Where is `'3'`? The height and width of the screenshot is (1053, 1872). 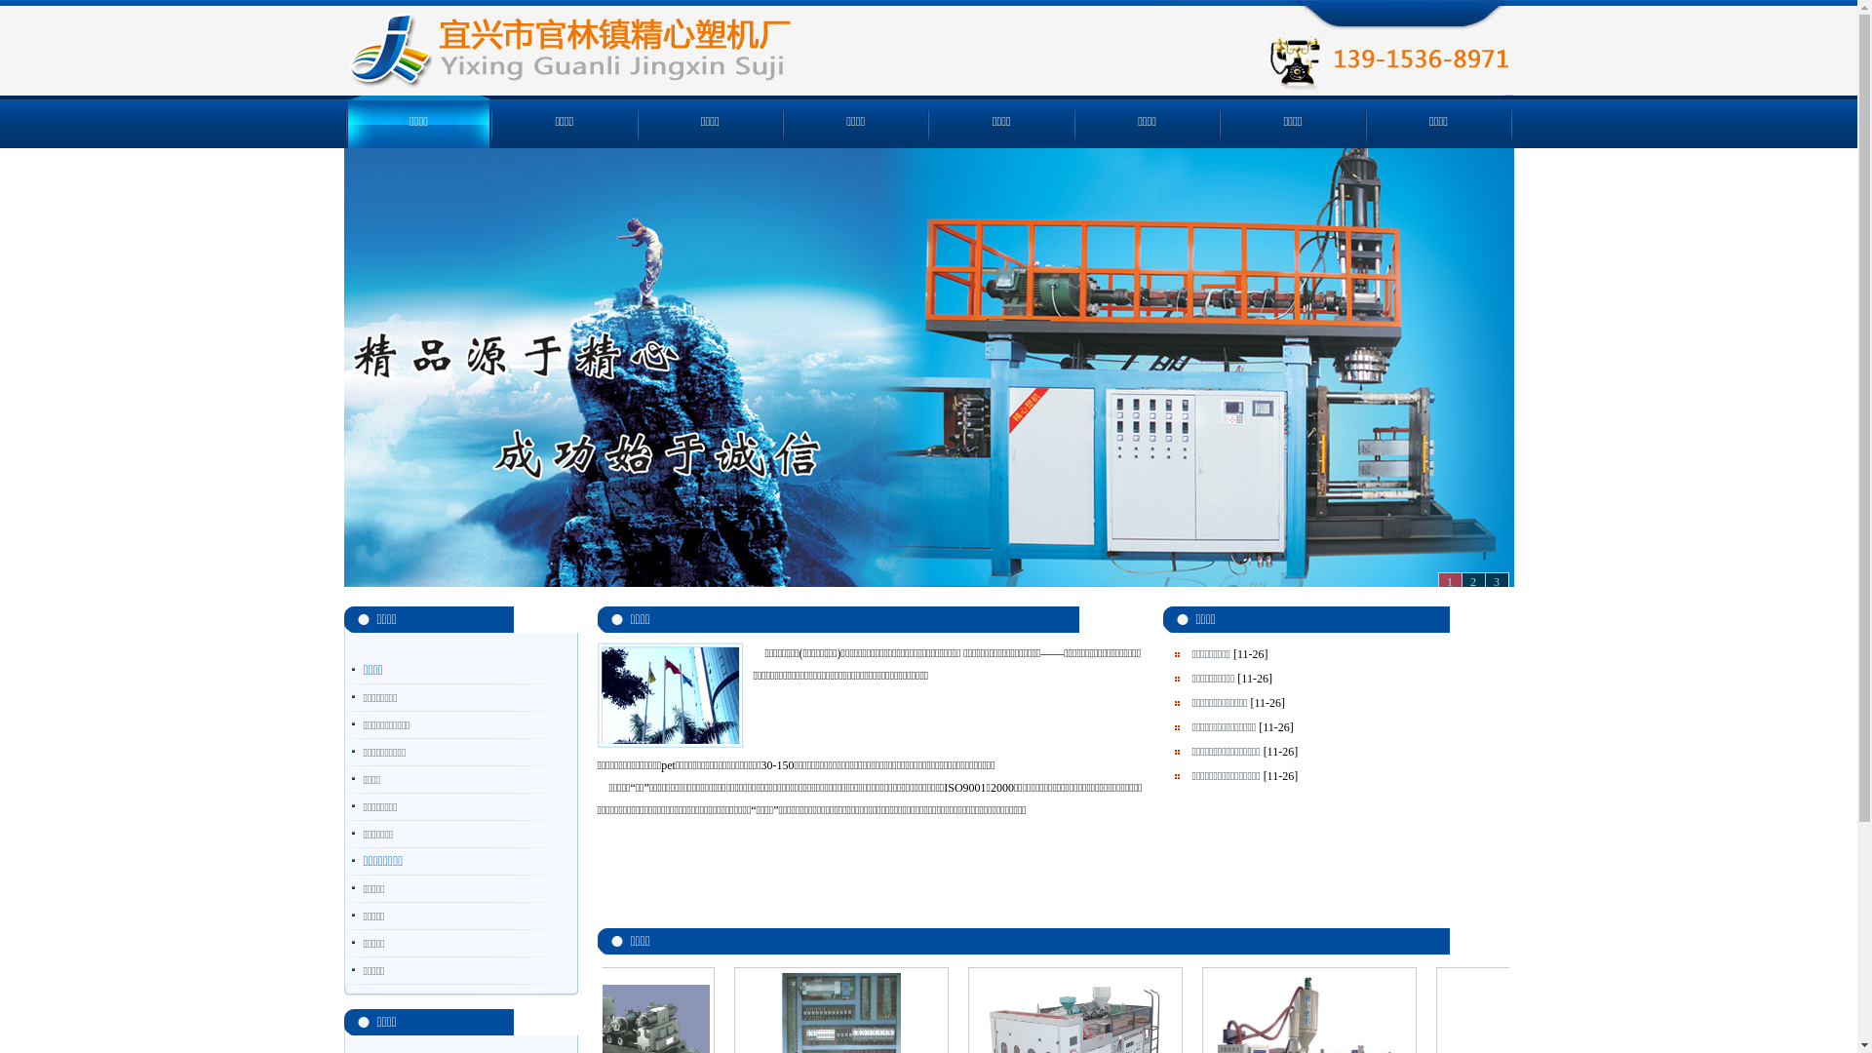
'3' is located at coordinates (1495, 580).